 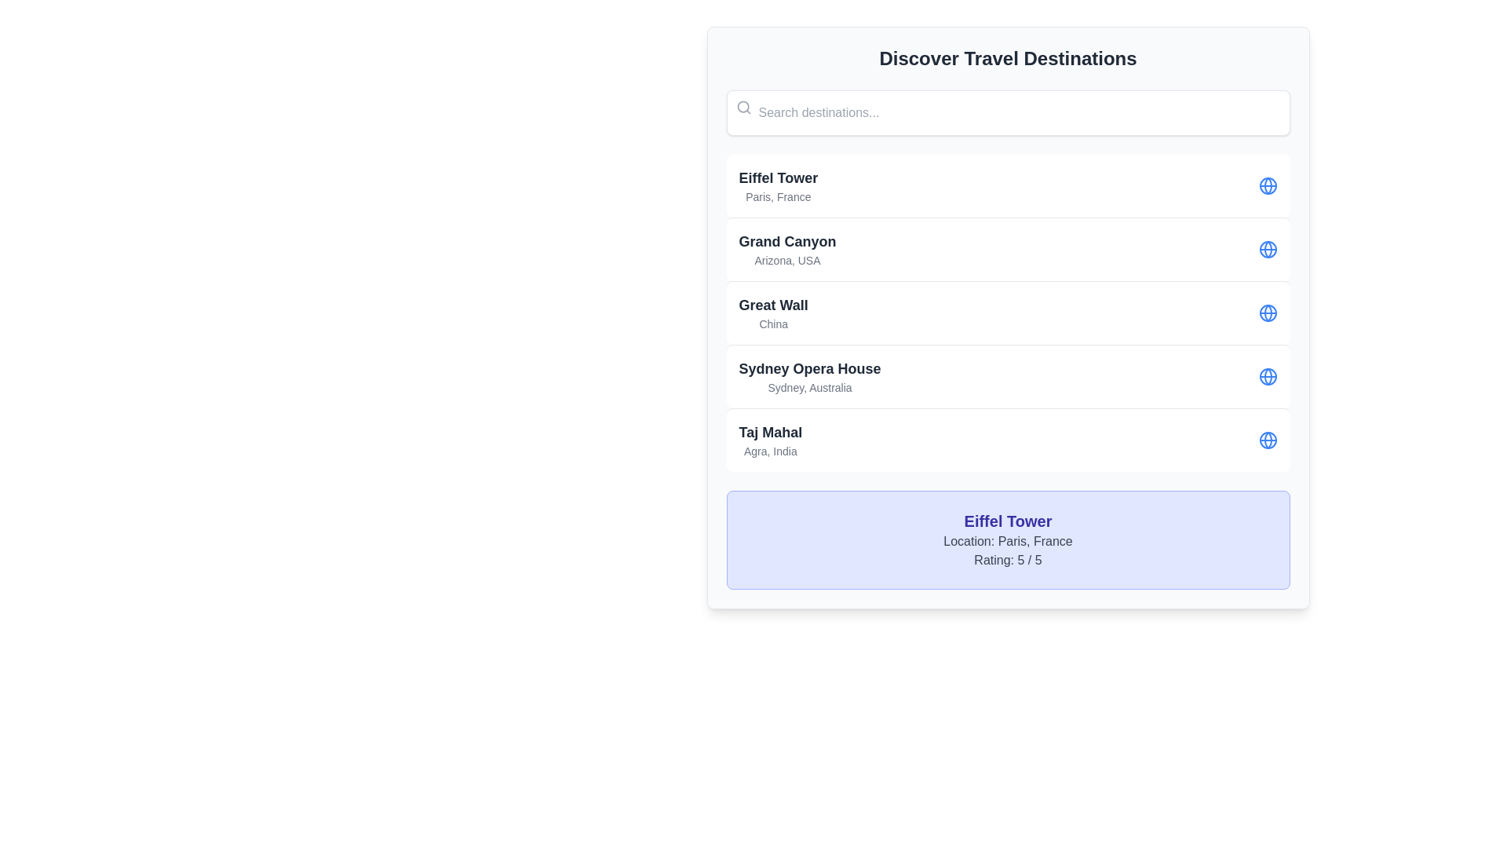 I want to click on the magnifying glass icon located in the top-left corner of the search input field labeled 'Search destinations...' to initiate a search, so click(x=743, y=107).